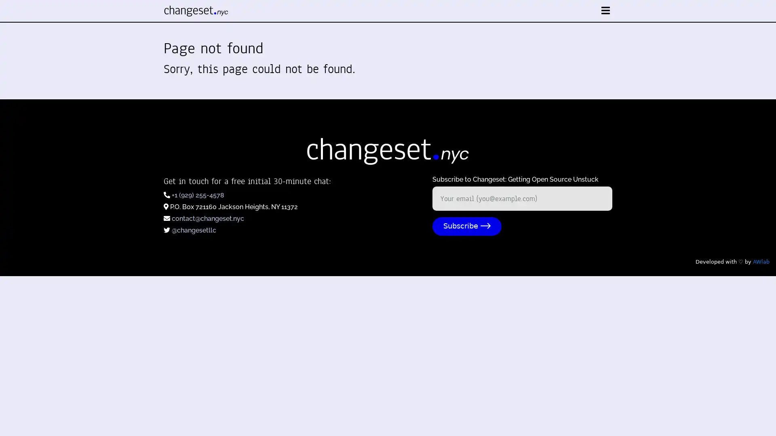 Image resolution: width=776 pixels, height=436 pixels. I want to click on Subscribe, so click(467, 226).